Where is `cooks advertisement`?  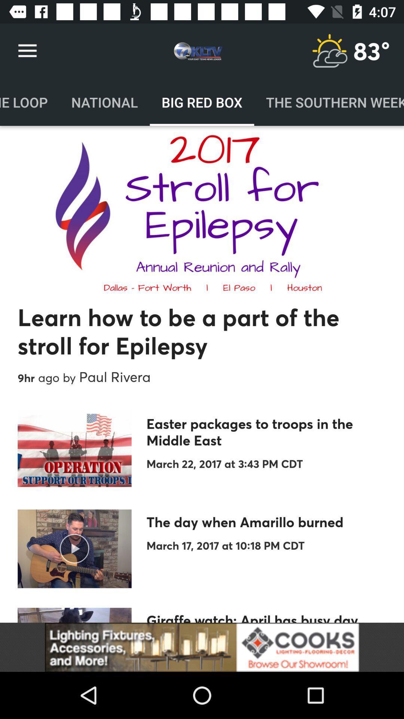
cooks advertisement is located at coordinates (202, 647).